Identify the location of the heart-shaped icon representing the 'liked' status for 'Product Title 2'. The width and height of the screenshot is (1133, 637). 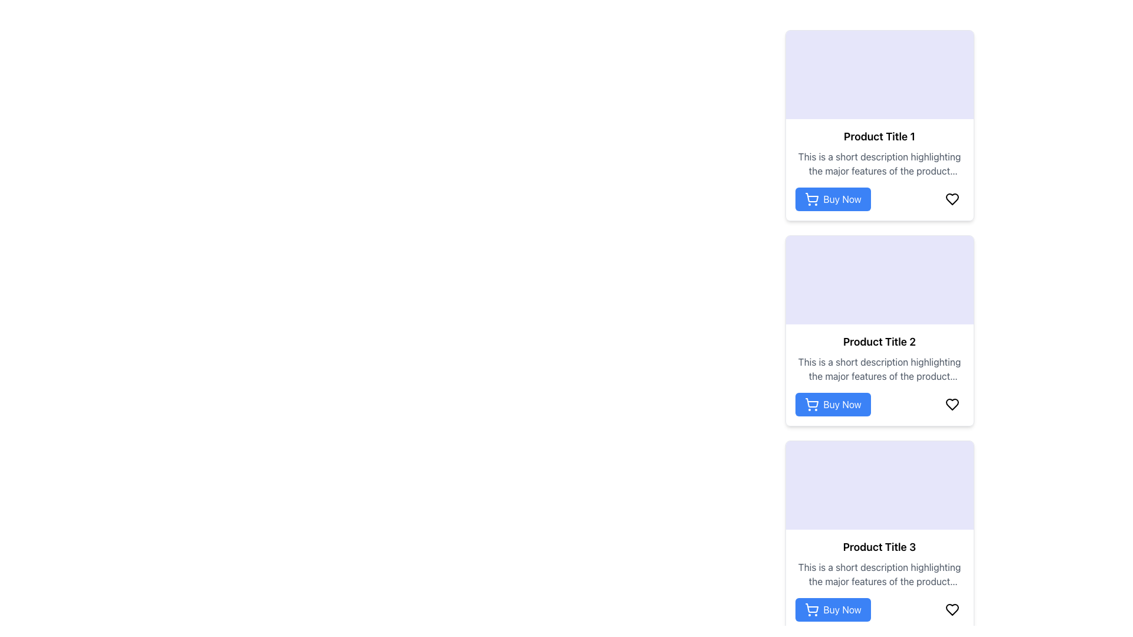
(952, 404).